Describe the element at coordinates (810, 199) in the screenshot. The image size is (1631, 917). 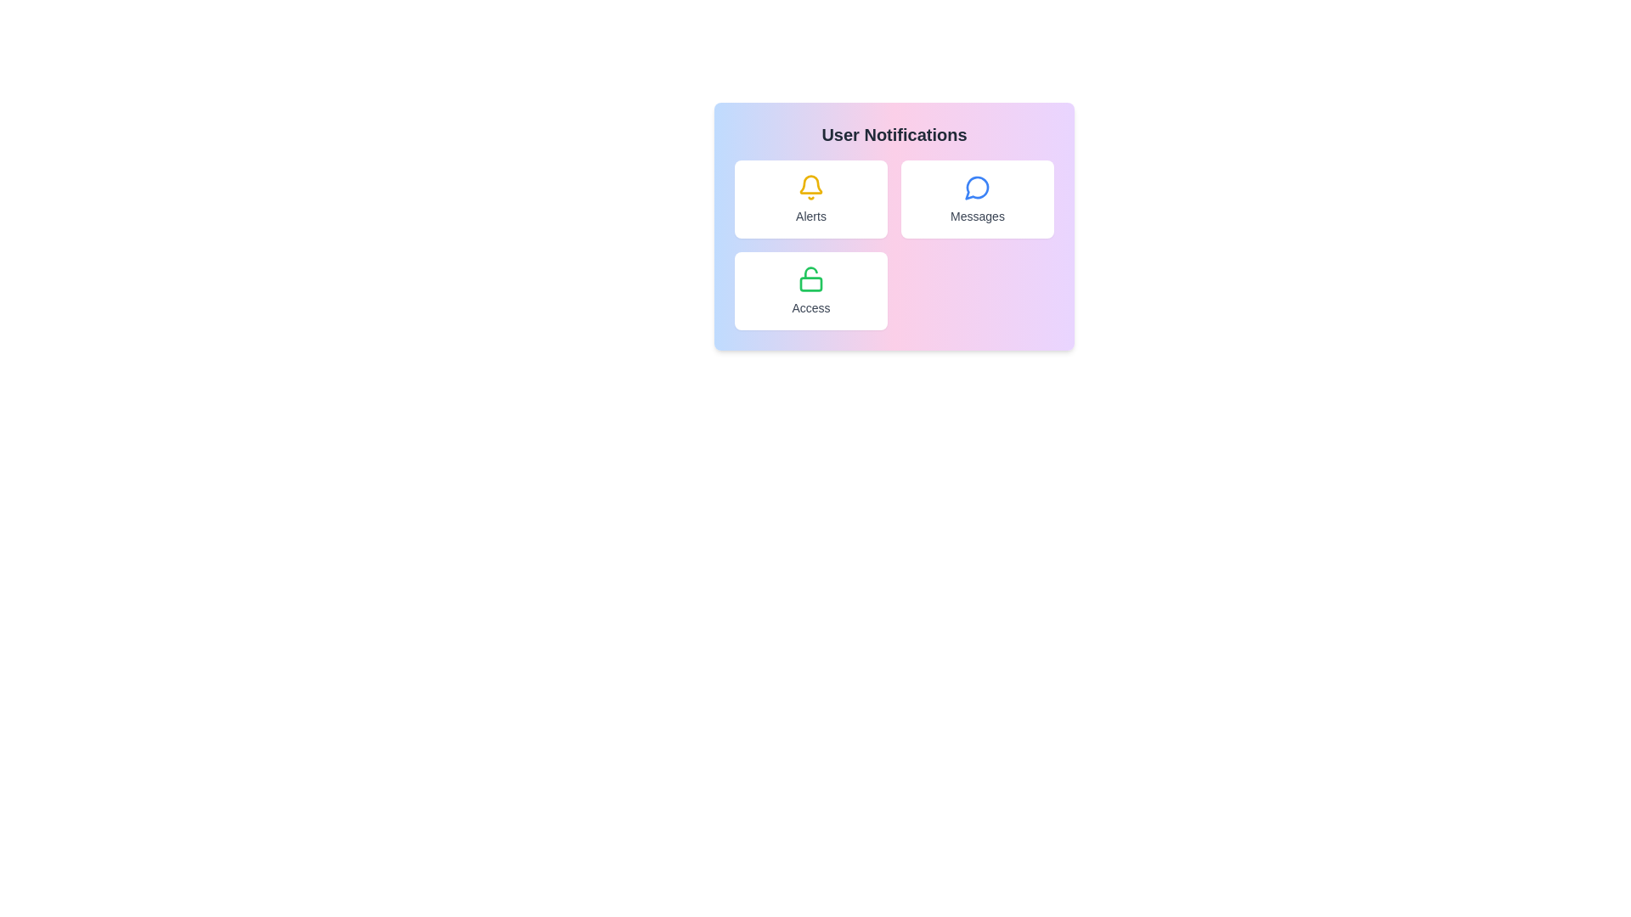
I see `the interactive button located in the top-left corner of the grid layout, which likely navigates to alerts or notifications` at that location.